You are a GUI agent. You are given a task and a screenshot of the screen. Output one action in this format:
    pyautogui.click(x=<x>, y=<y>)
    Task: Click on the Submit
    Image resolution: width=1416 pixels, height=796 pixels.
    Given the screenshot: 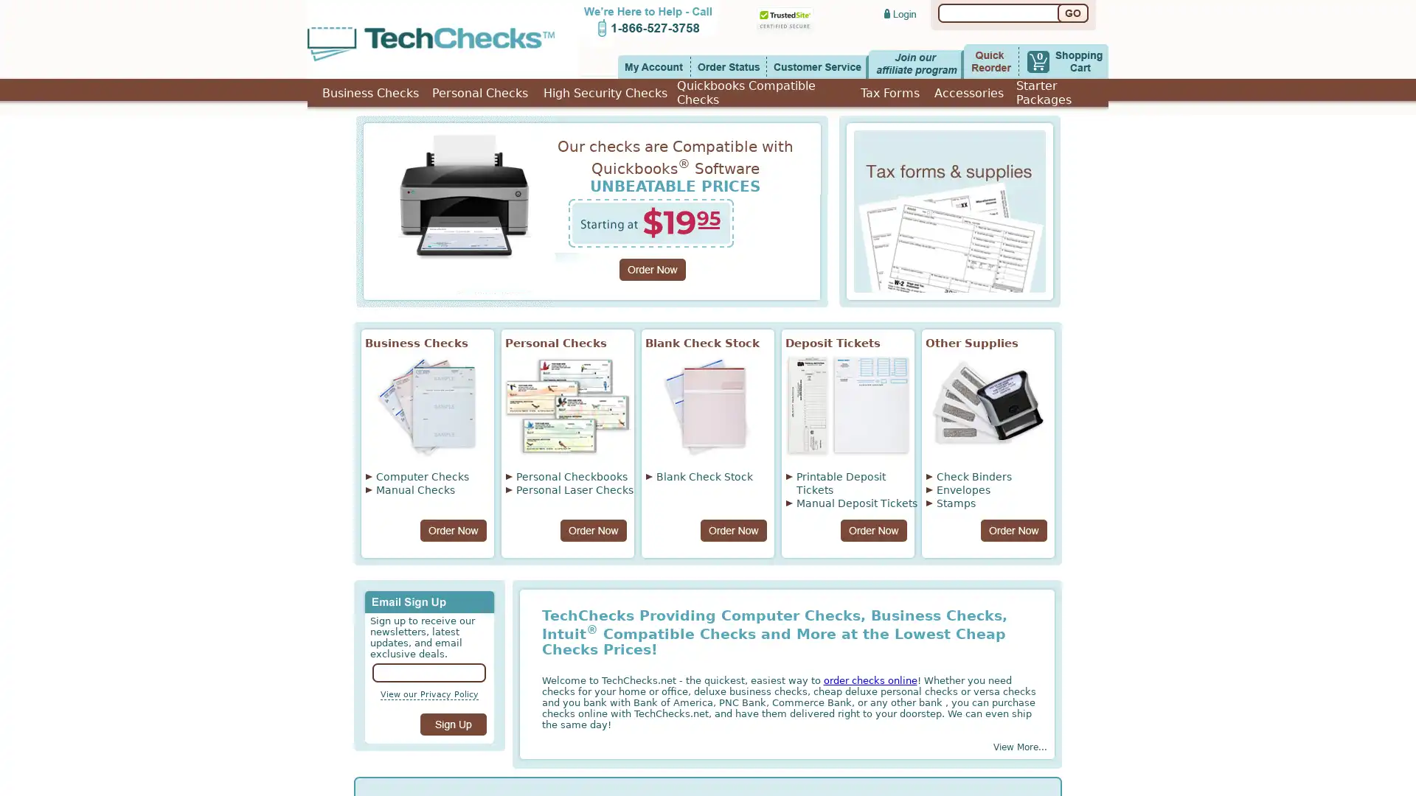 What is the action you would take?
    pyautogui.click(x=452, y=724)
    